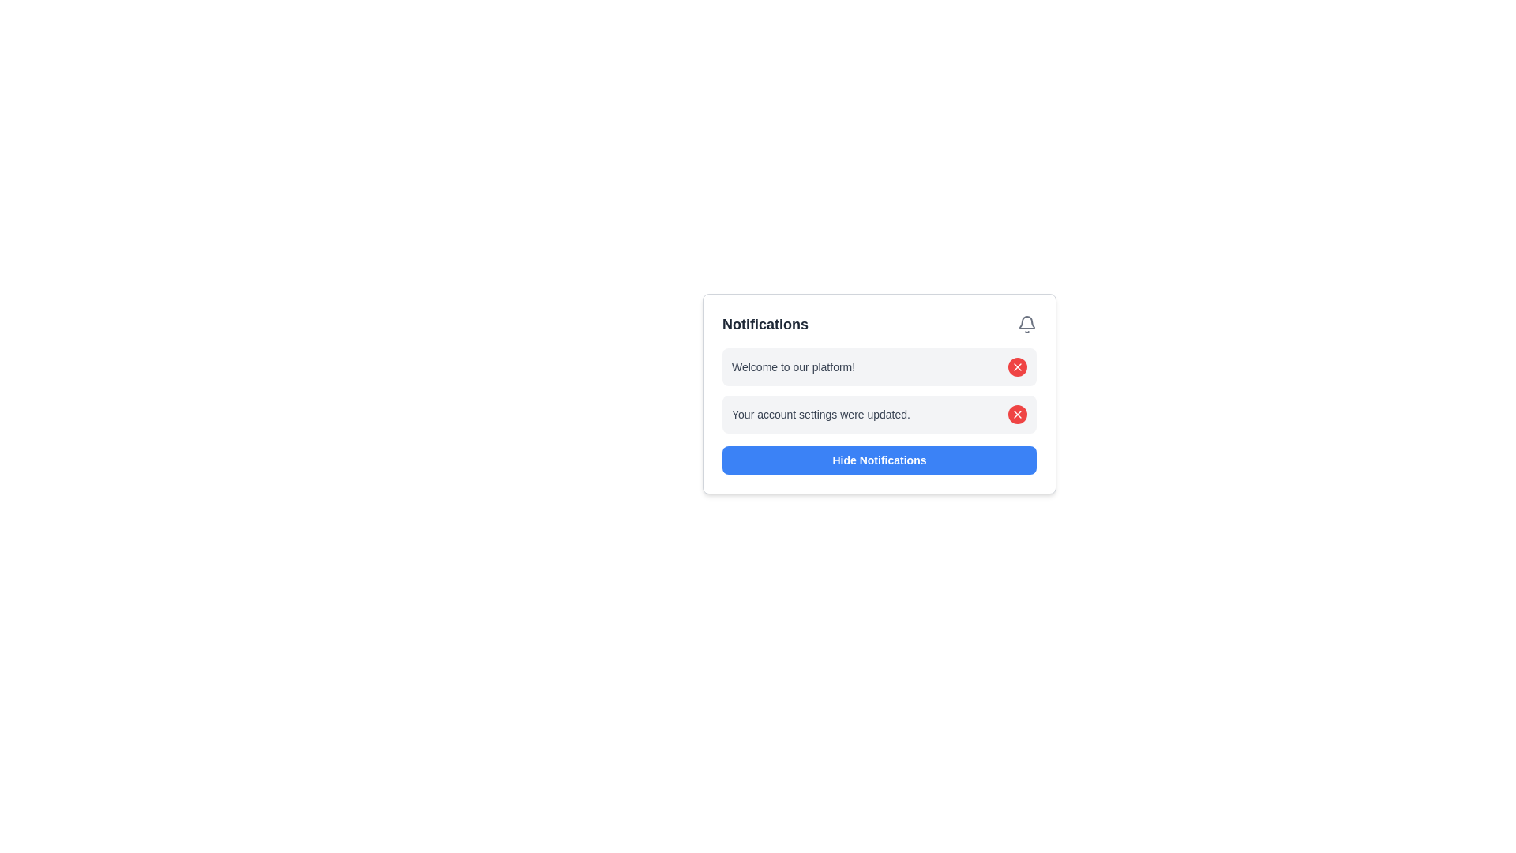 Image resolution: width=1516 pixels, height=853 pixels. Describe the element at coordinates (794, 367) in the screenshot. I see `the introductory text 'Welcome to our platform!' located in the notification panel, which is styled in a small, gray-colored font and positioned under the 'Notifications' header` at that location.